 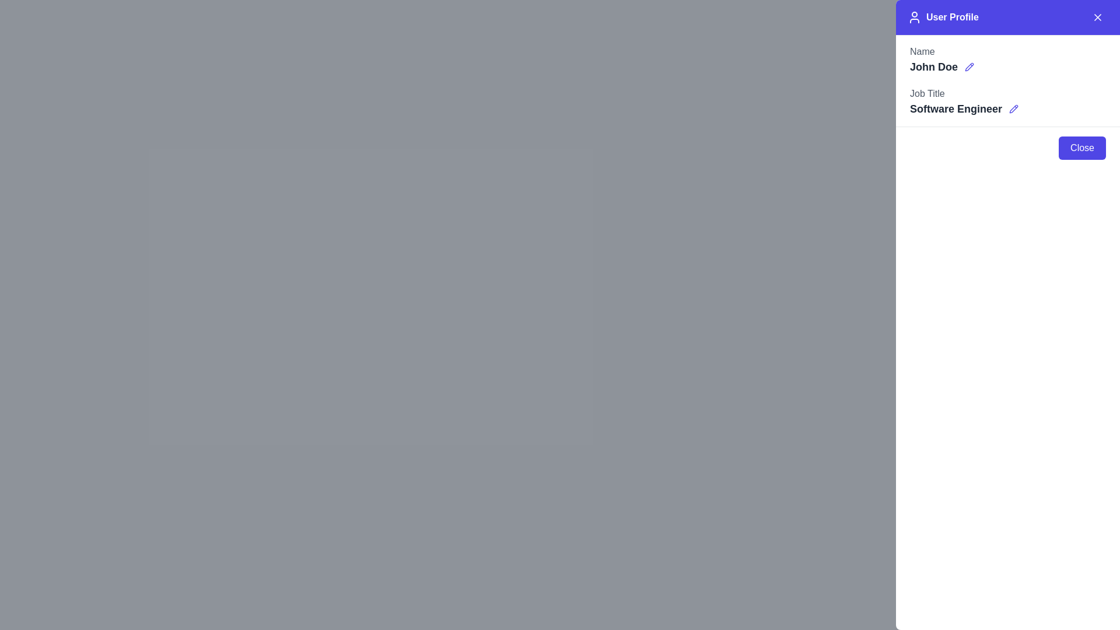 I want to click on the pencil icon located to the right of the text 'John Doe' to initiate the editing of the 'Name' field, so click(x=969, y=67).